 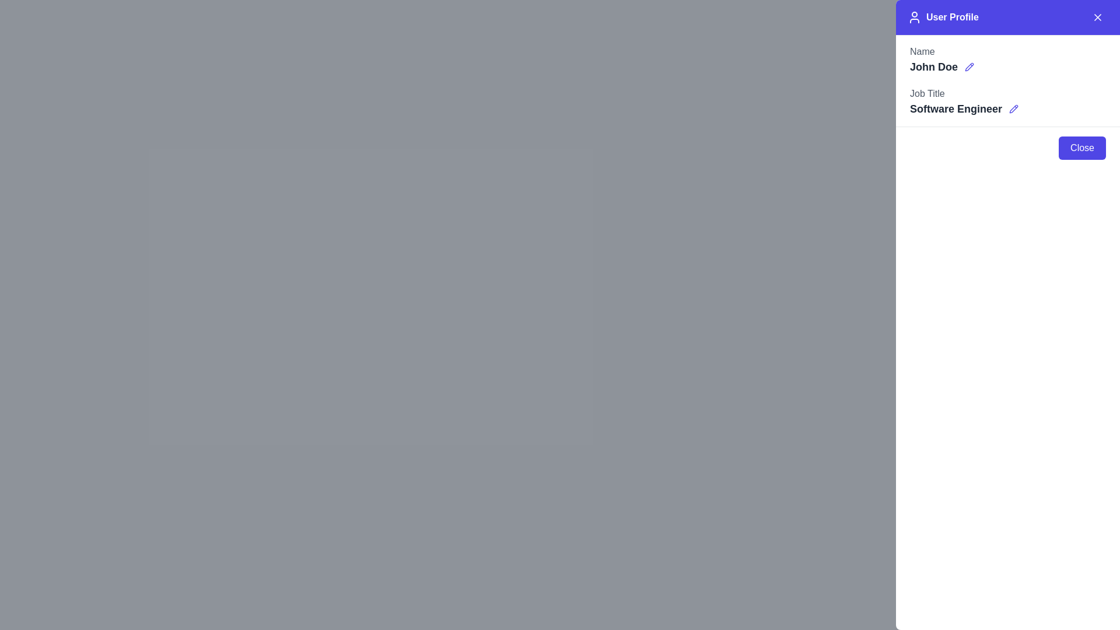 I want to click on the pencil icon located to the right of the text 'John Doe' to initiate the editing of the 'Name' field, so click(x=969, y=67).